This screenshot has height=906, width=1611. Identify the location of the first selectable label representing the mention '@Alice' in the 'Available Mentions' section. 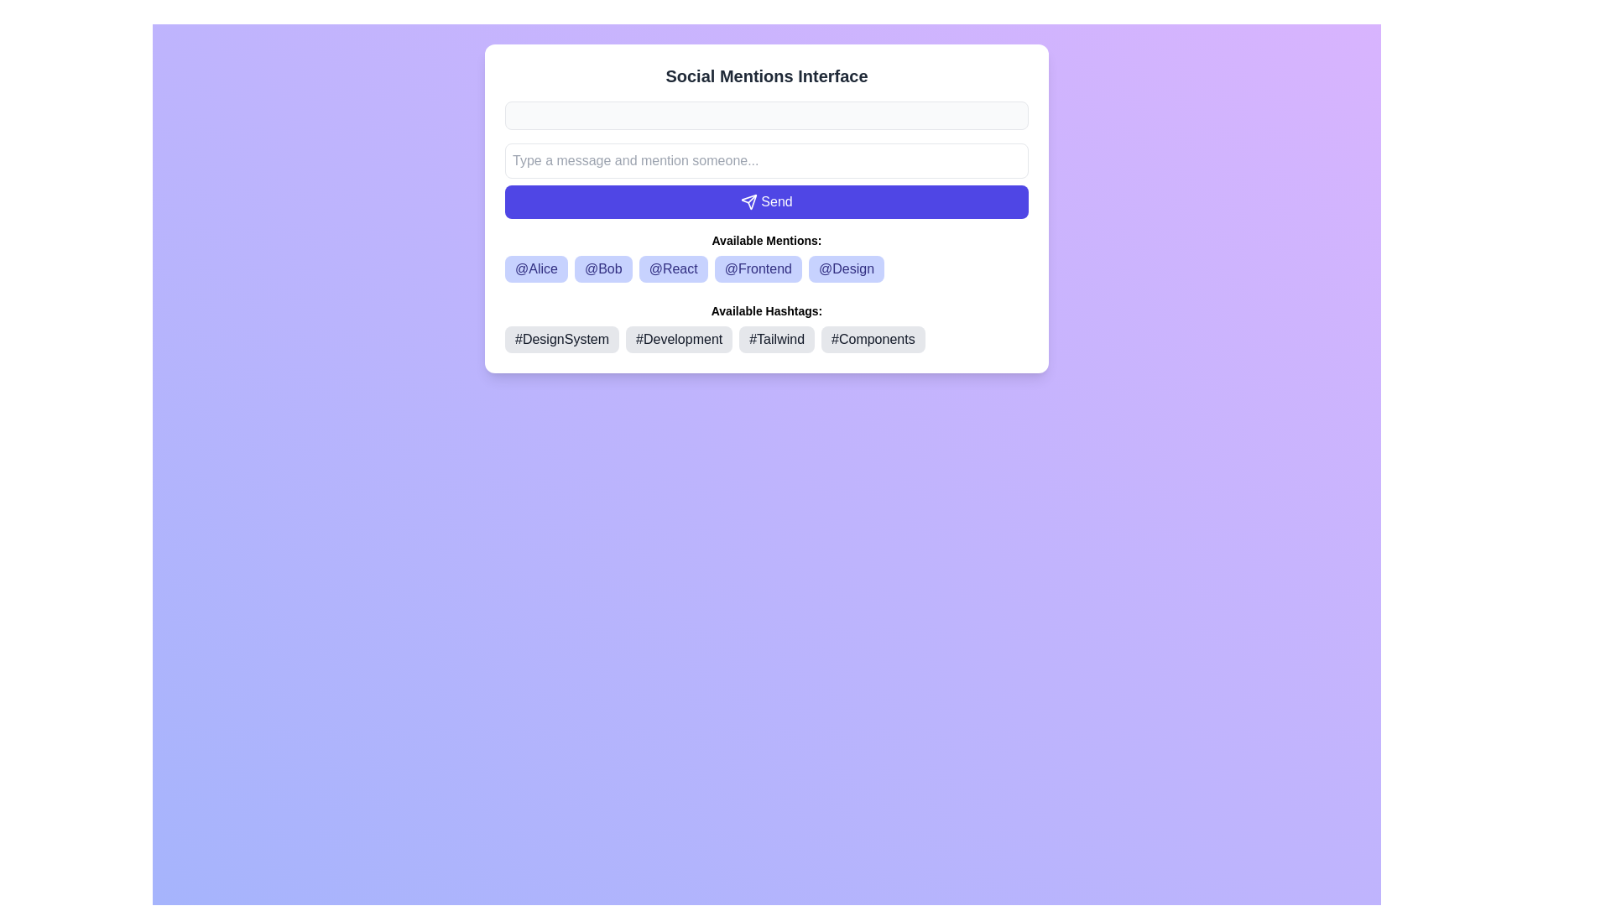
(535, 268).